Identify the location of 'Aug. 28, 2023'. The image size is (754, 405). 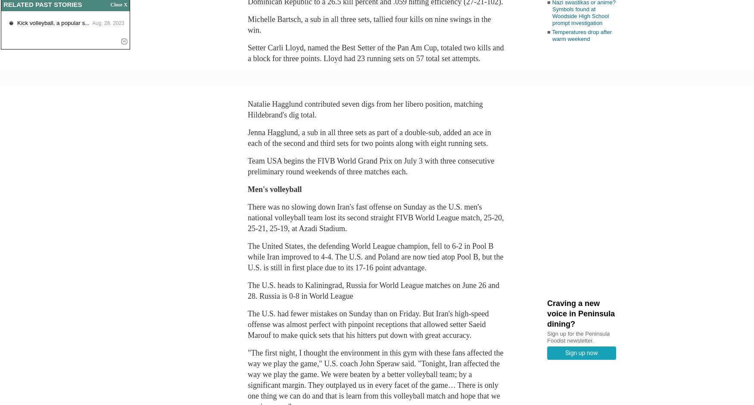
(108, 23).